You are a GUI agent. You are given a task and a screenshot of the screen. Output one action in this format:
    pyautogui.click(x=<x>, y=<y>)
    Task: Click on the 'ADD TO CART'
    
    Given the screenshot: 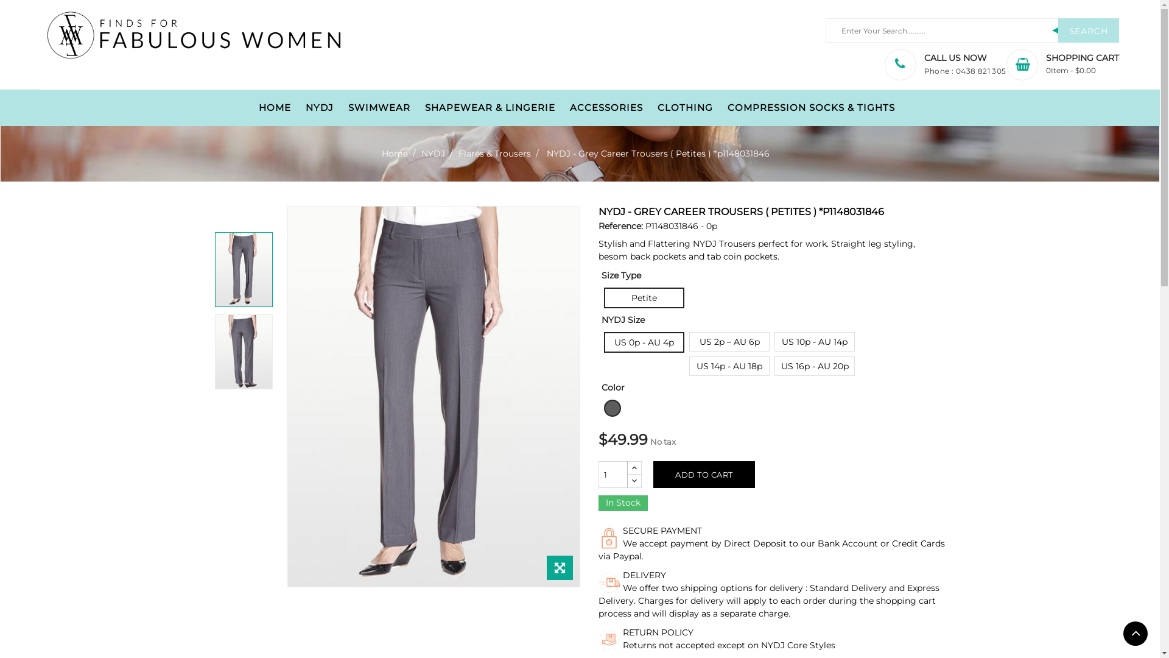 What is the action you would take?
    pyautogui.click(x=704, y=474)
    